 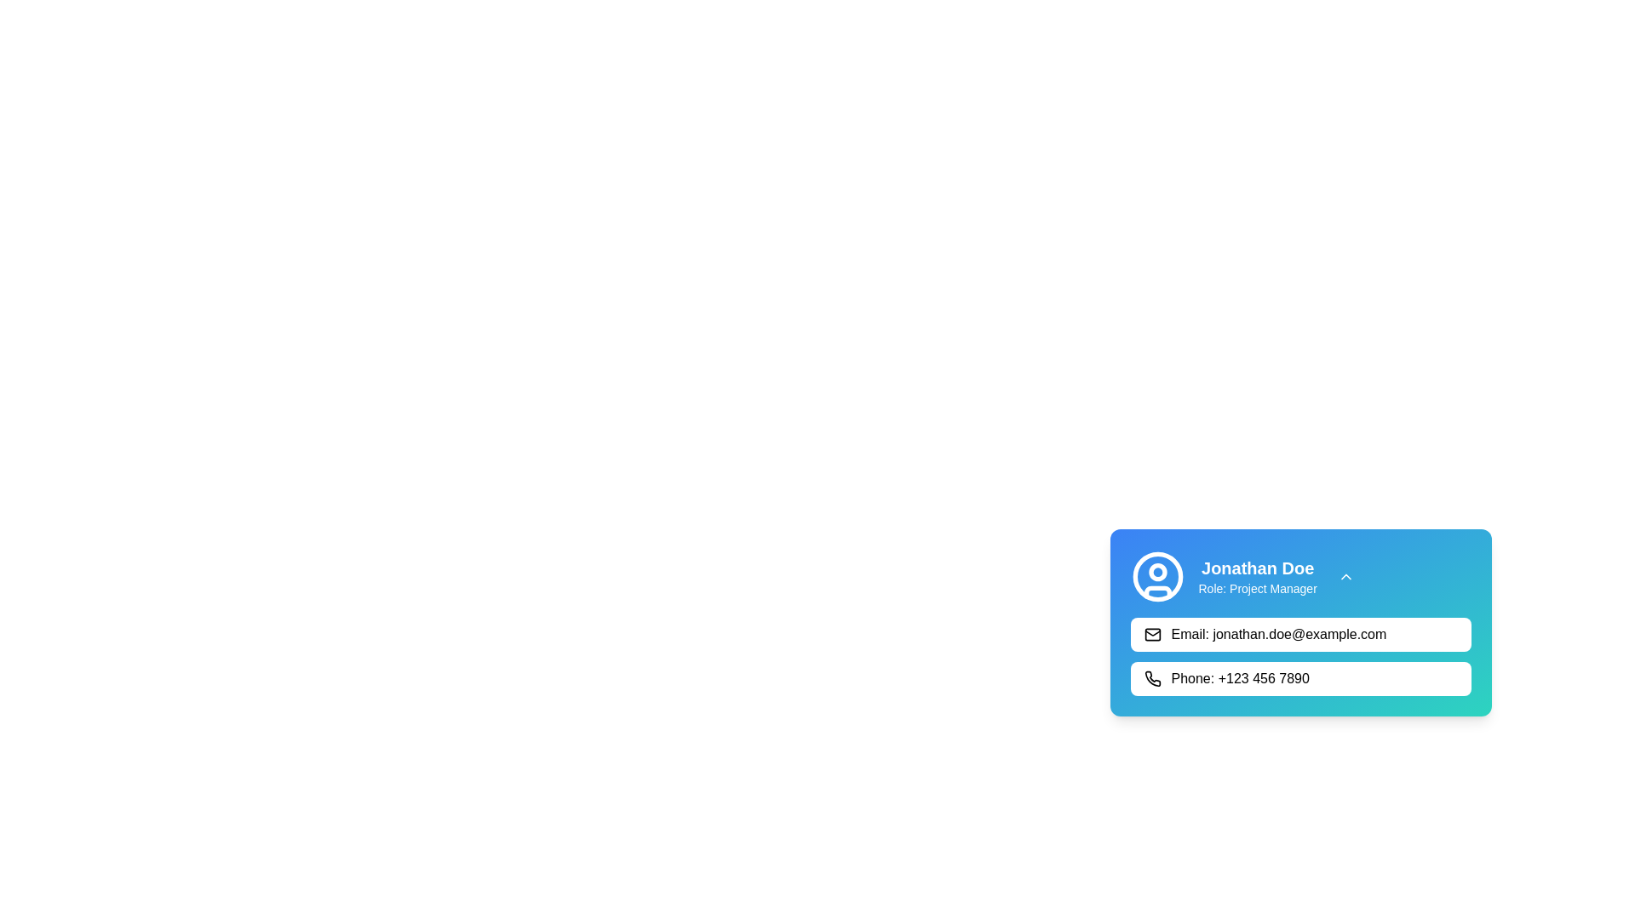 I want to click on the toggle button located at the top-right corner of the information card about 'Jonathan Doe', so click(x=1345, y=576).